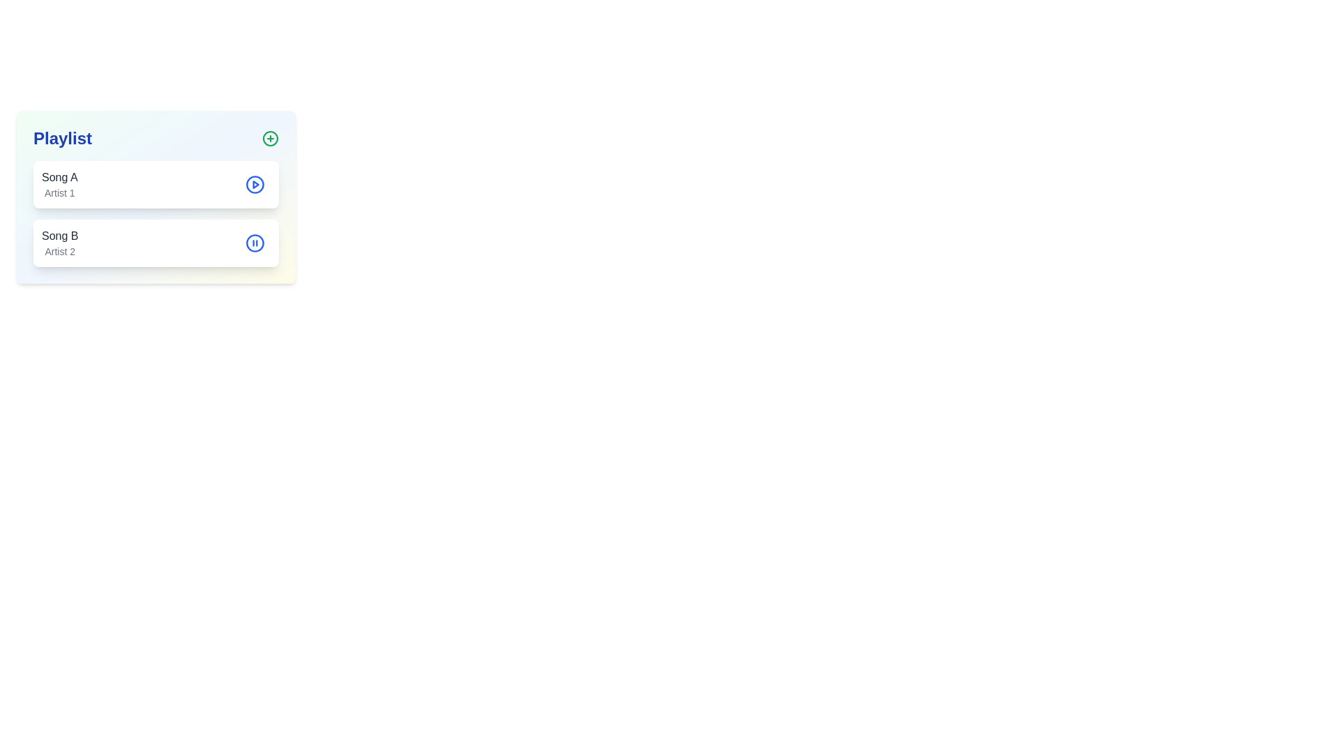 The height and width of the screenshot is (753, 1339). What do you see at coordinates (59, 252) in the screenshot?
I see `the text label displaying 'Artist 2', which is located below 'Song B' in the playlist-style user interface` at bounding box center [59, 252].